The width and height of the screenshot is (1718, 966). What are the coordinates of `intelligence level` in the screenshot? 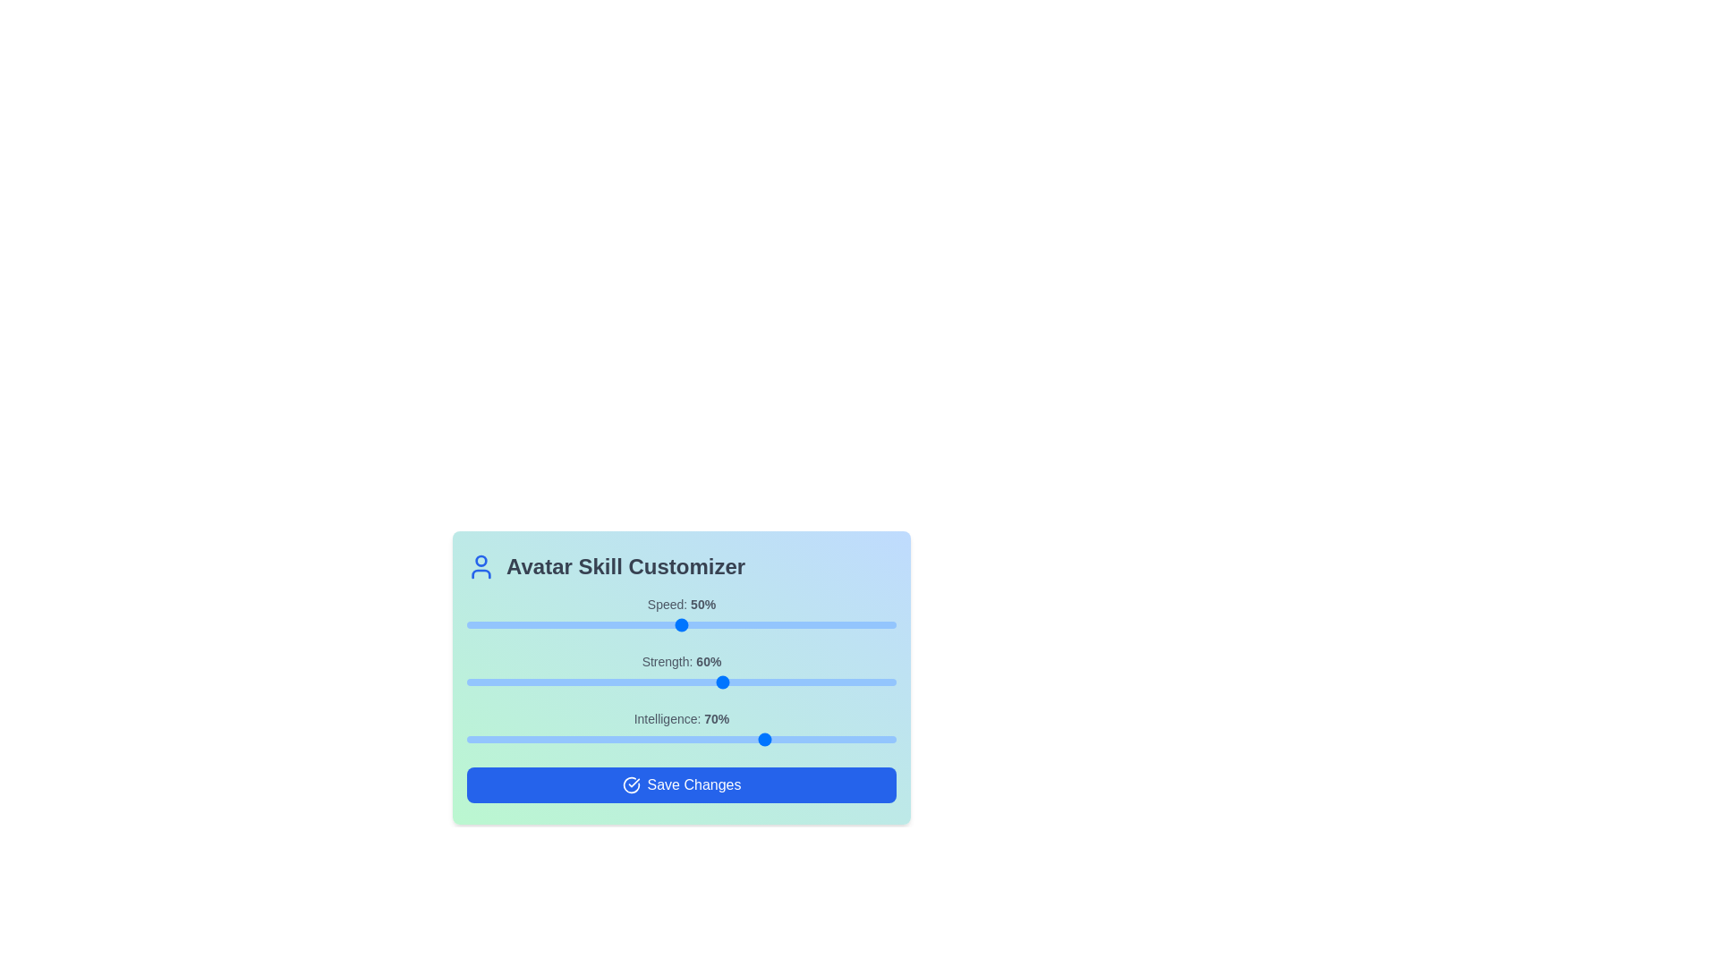 It's located at (517, 739).